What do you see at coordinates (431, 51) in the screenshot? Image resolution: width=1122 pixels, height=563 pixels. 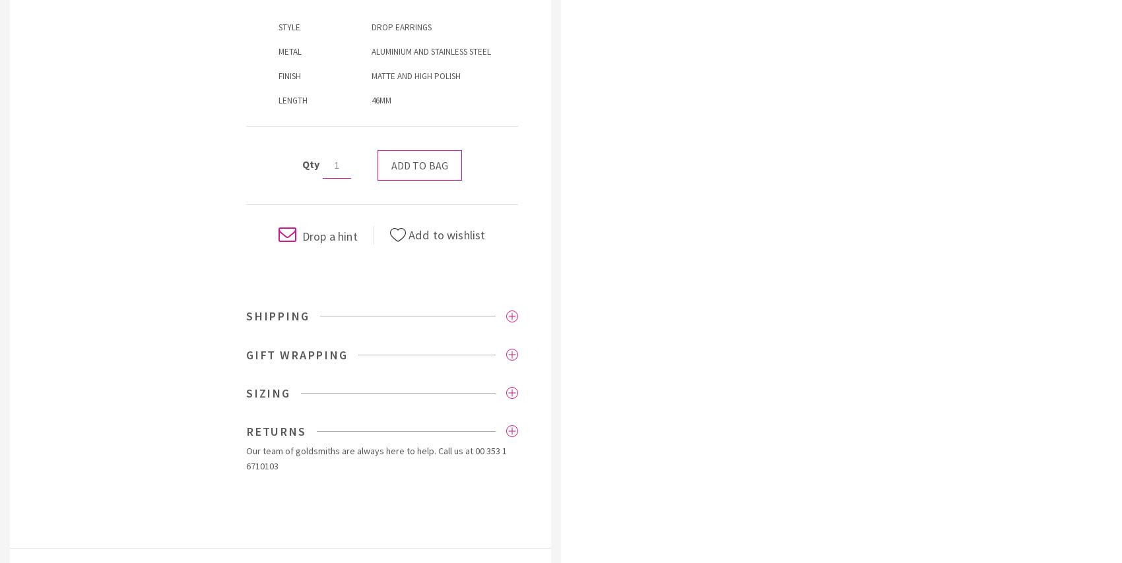 I see `'ALUMINIUM AND STAINLESS STEEL'` at bounding box center [431, 51].